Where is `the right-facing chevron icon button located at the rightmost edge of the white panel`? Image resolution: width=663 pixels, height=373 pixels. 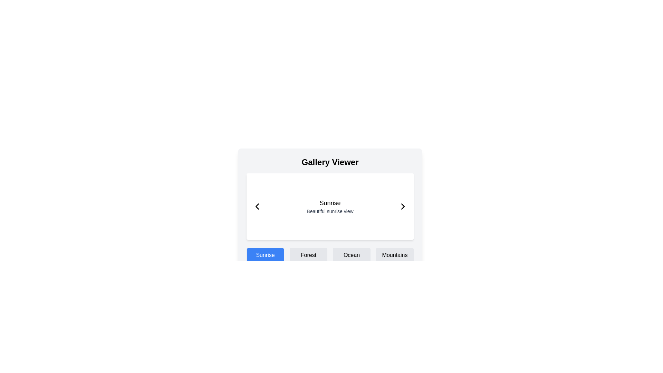
the right-facing chevron icon button located at the rightmost edge of the white panel is located at coordinates (403, 206).